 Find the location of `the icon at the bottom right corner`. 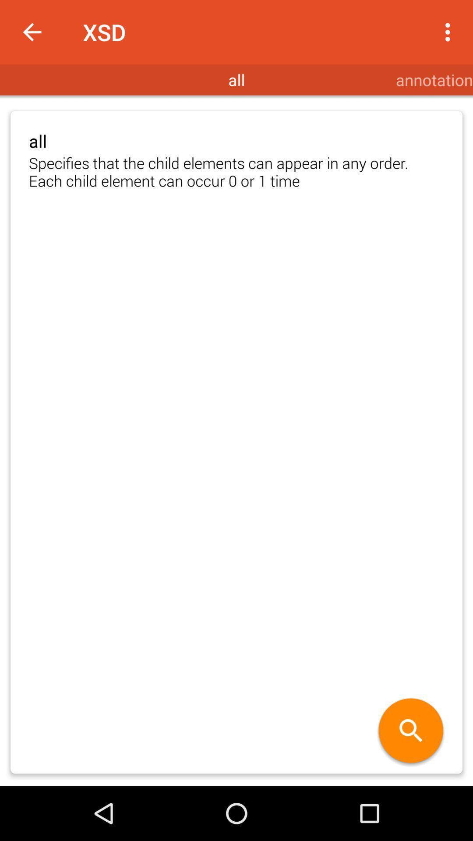

the icon at the bottom right corner is located at coordinates (411, 731).